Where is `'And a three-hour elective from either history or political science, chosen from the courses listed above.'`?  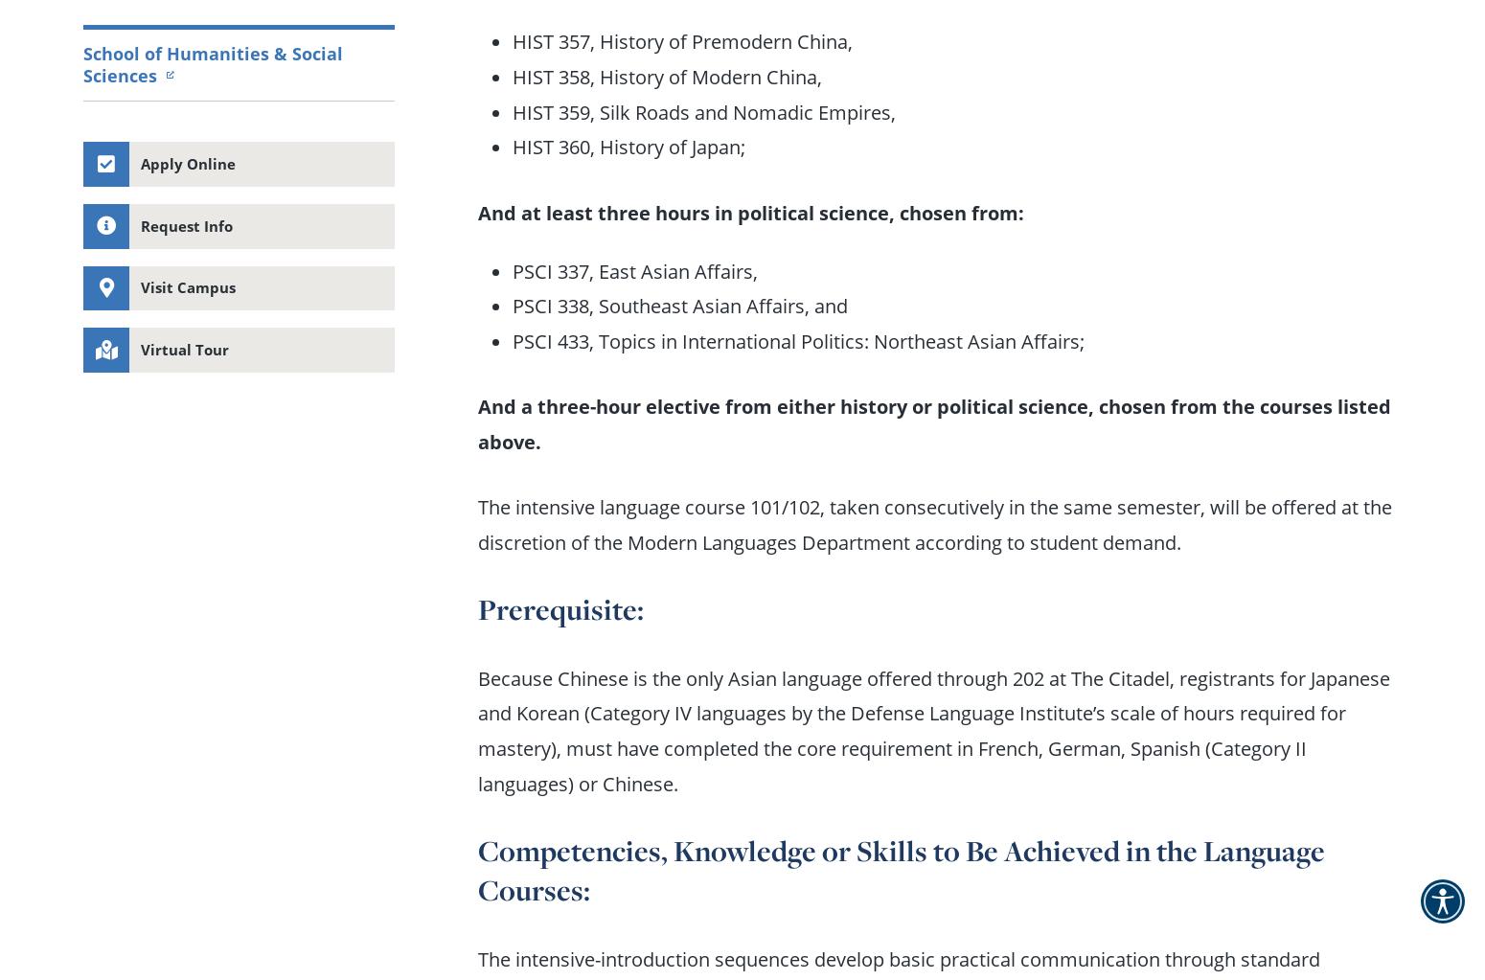 'And a three-hour elective from either history or political science, chosen from the courses listed above.' is located at coordinates (476, 422).